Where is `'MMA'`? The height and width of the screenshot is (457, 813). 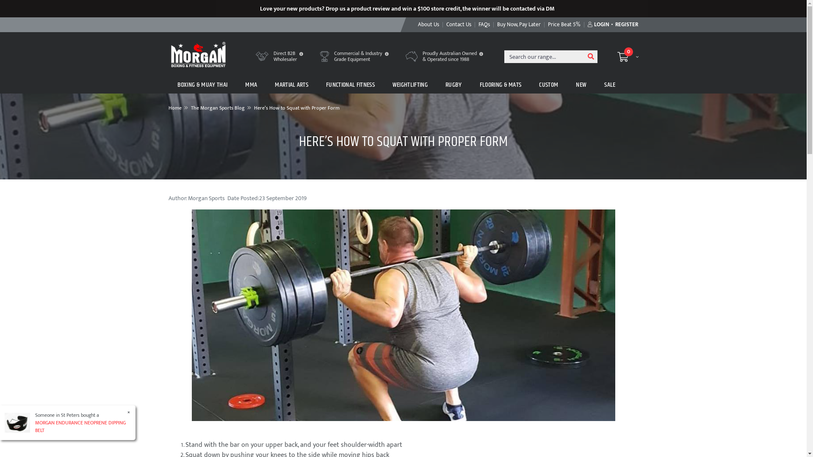 'MMA' is located at coordinates (251, 85).